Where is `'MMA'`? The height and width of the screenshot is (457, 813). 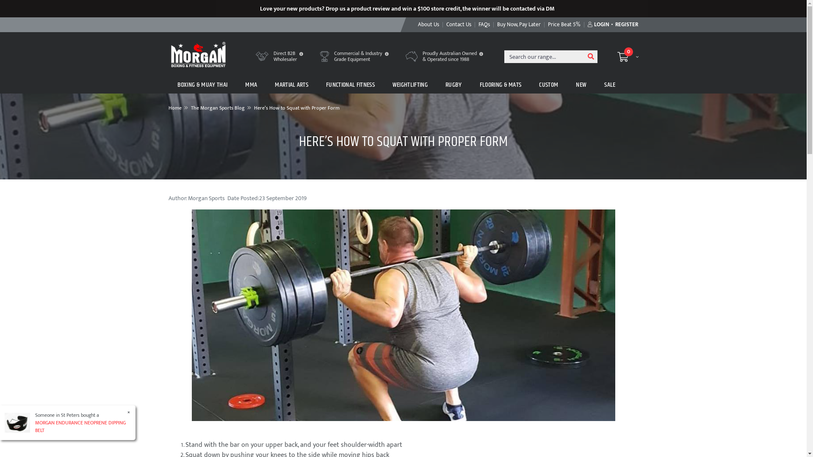 'MMA' is located at coordinates (251, 85).